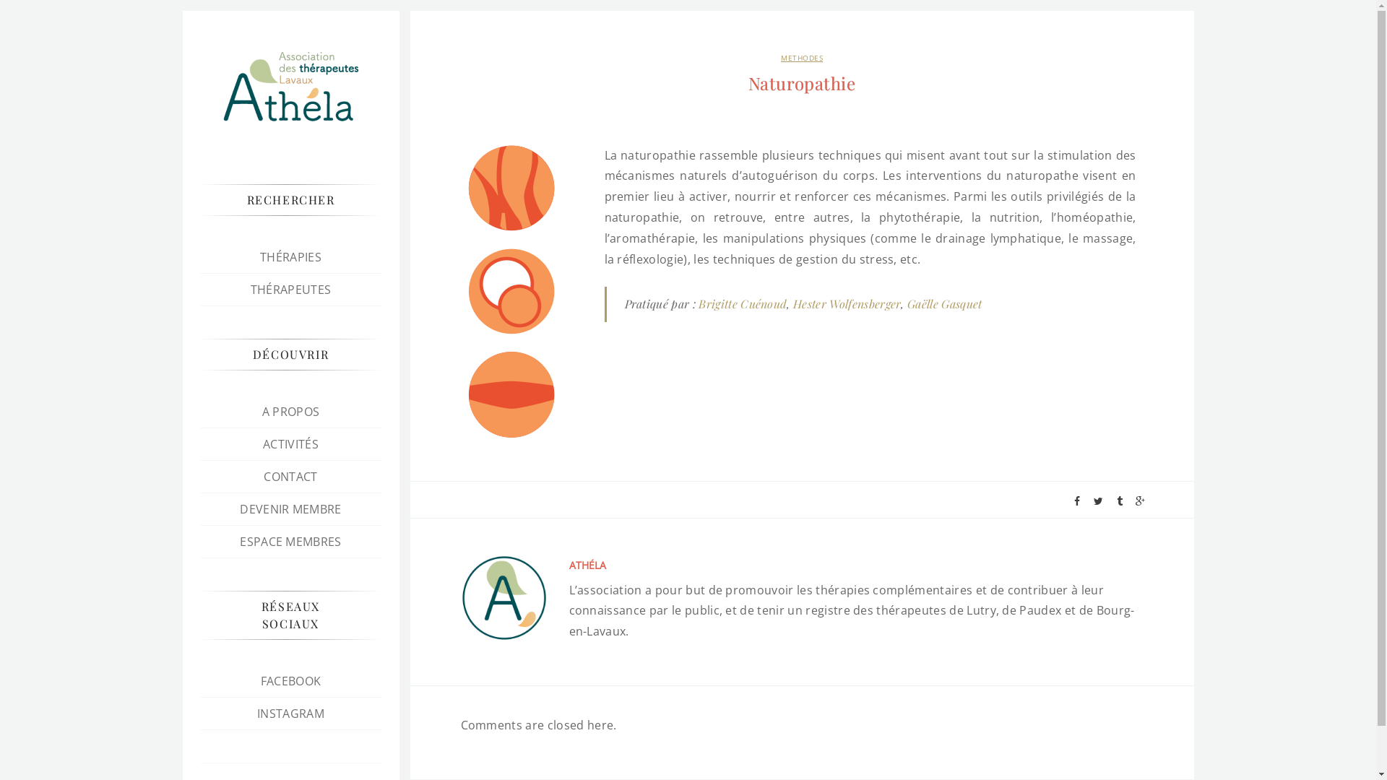  Describe the element at coordinates (847, 303) in the screenshot. I see `'Hester Wolfensberger'` at that location.